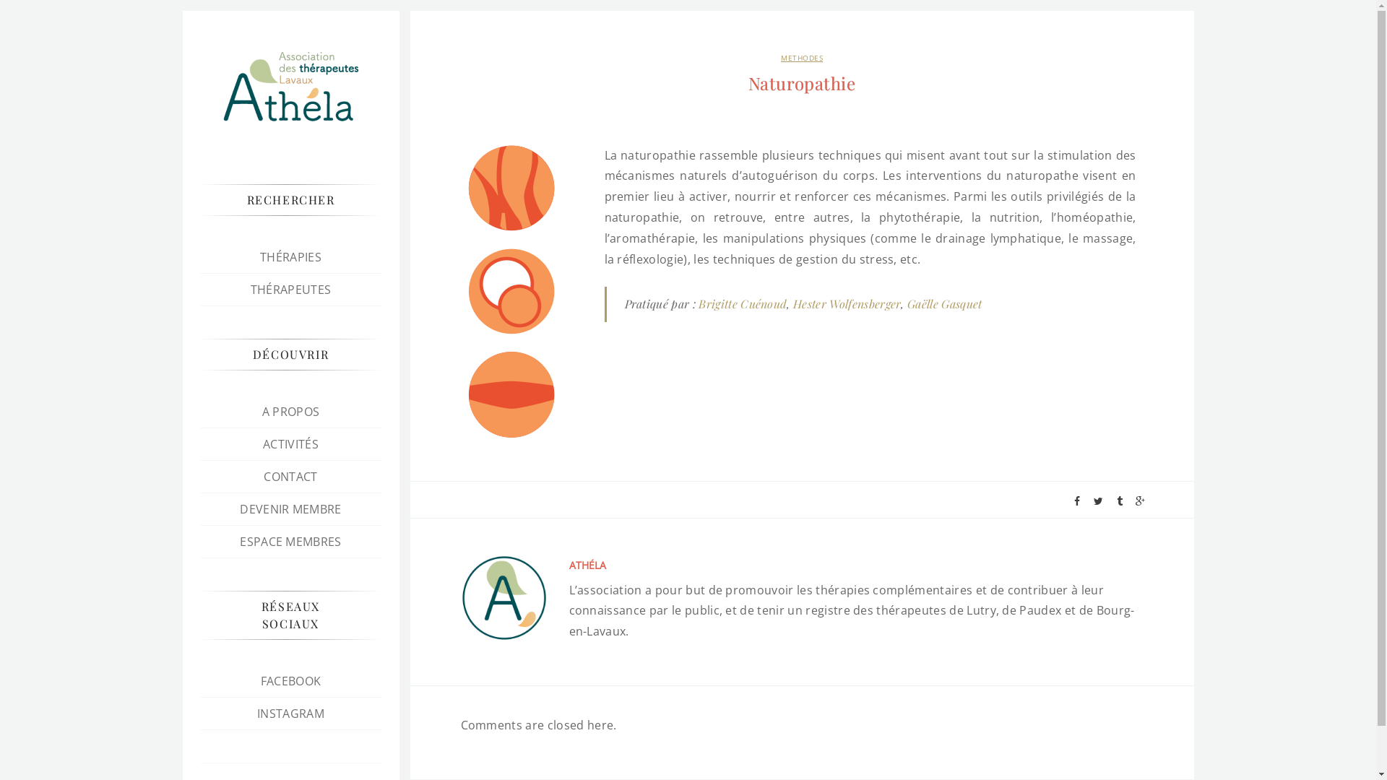  Describe the element at coordinates (847, 303) in the screenshot. I see `'Hester Wolfensberger'` at that location.